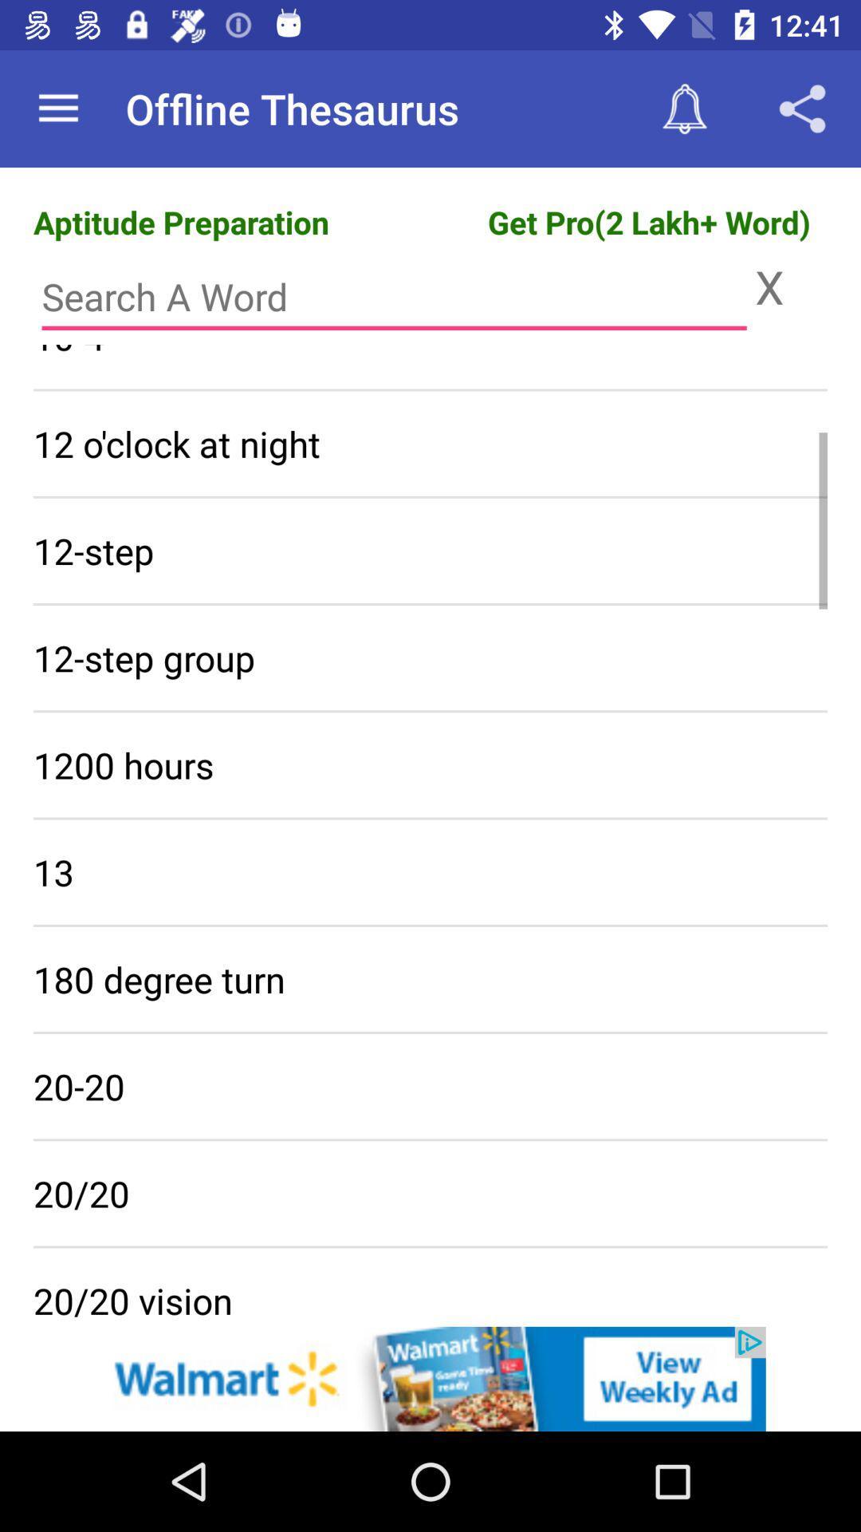 The width and height of the screenshot is (861, 1532). What do you see at coordinates (394, 297) in the screenshot?
I see `text option` at bounding box center [394, 297].